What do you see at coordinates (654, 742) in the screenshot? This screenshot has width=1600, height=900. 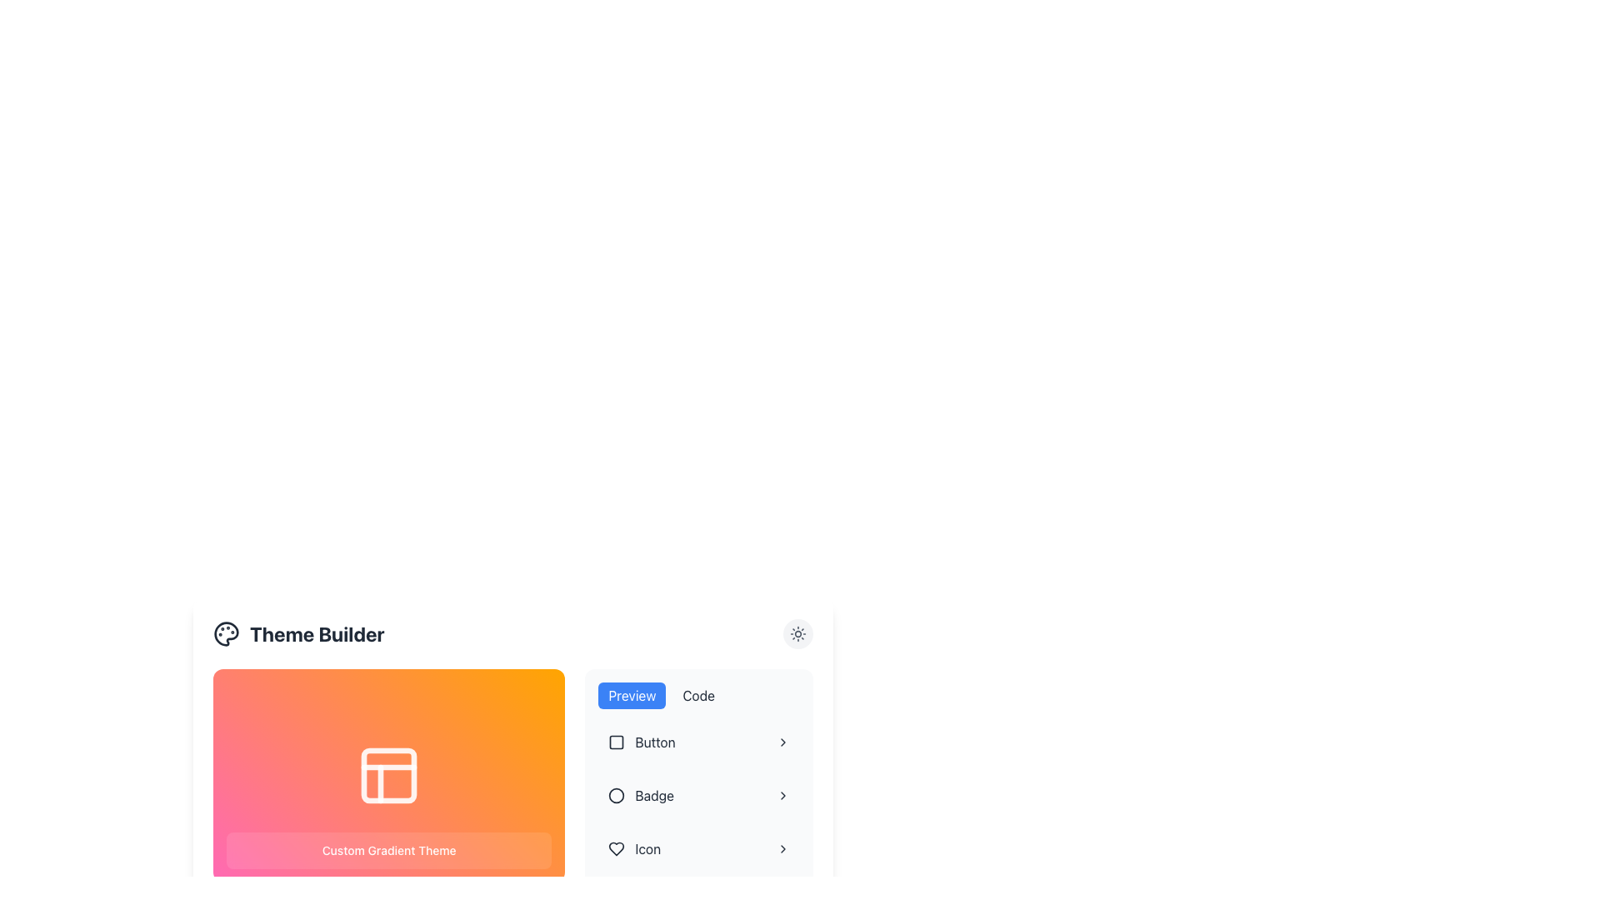 I see `the descriptive label text element located between a checkbox on the left and a right-pointing arrow icon on the right` at bounding box center [654, 742].